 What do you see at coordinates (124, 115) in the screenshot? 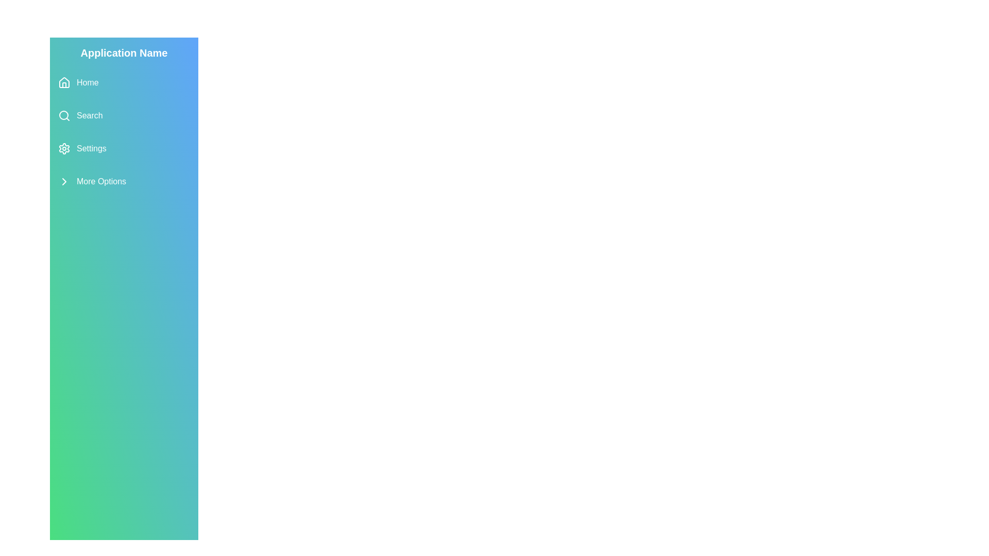
I see `the menu item Search` at bounding box center [124, 115].